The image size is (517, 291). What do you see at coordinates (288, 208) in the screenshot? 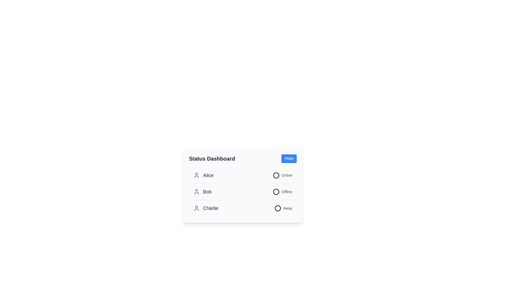
I see `the text label stating 'Away' that is styled with a small font size and gray color, located to the far right of the circular status indicator for user Charlie in the Status Dashboard` at bounding box center [288, 208].